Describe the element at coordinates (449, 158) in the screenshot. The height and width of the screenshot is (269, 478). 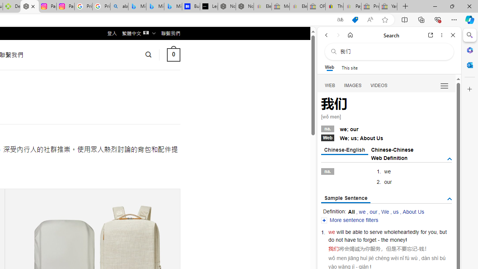
I see `'AutomationID: tgdef'` at that location.